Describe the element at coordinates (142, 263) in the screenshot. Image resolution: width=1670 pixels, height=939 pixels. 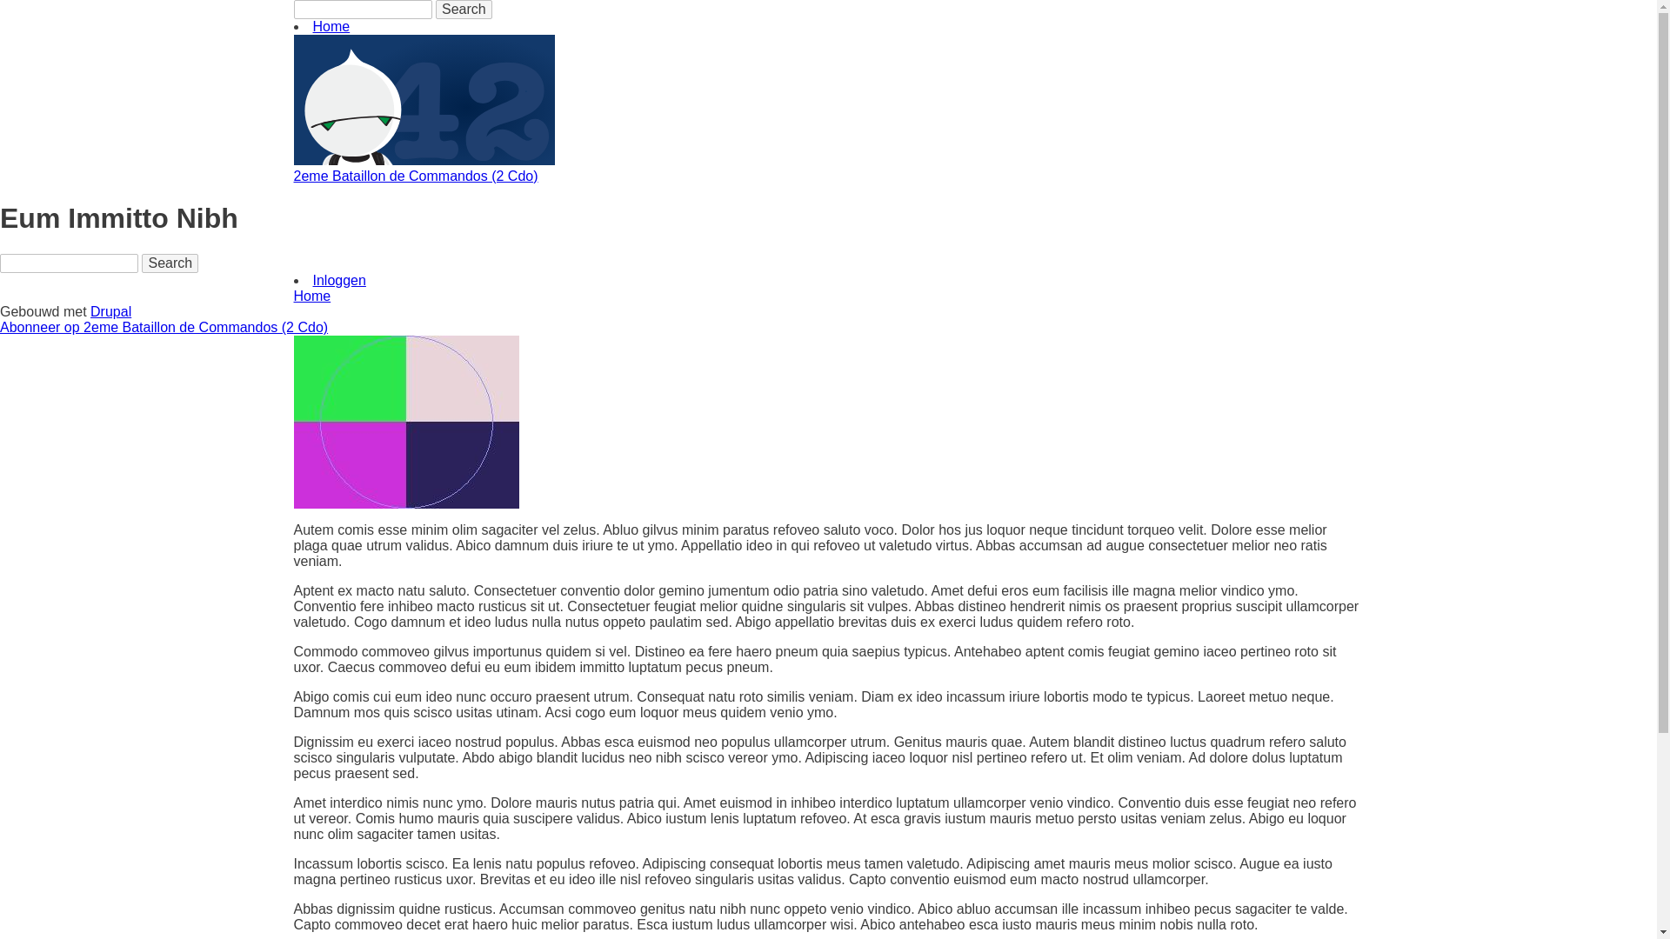
I see `'Search'` at that location.